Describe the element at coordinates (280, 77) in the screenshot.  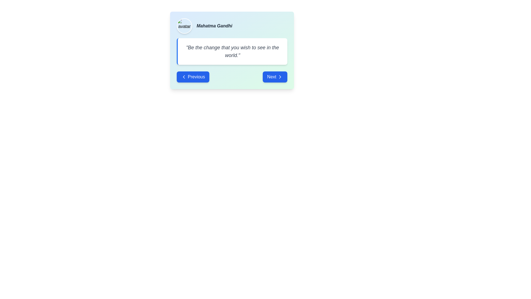
I see `the right-pointing chevron arrow icon within the blue 'Next' button` at that location.